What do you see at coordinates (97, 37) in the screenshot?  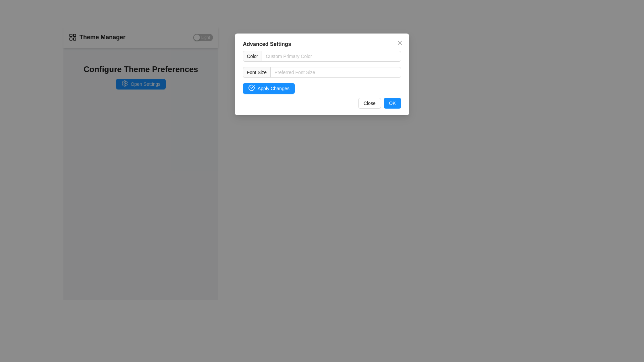 I see `the 'Theme Manager' header title with the grid layout icon, which is located in the top-left section of the header bar` at bounding box center [97, 37].